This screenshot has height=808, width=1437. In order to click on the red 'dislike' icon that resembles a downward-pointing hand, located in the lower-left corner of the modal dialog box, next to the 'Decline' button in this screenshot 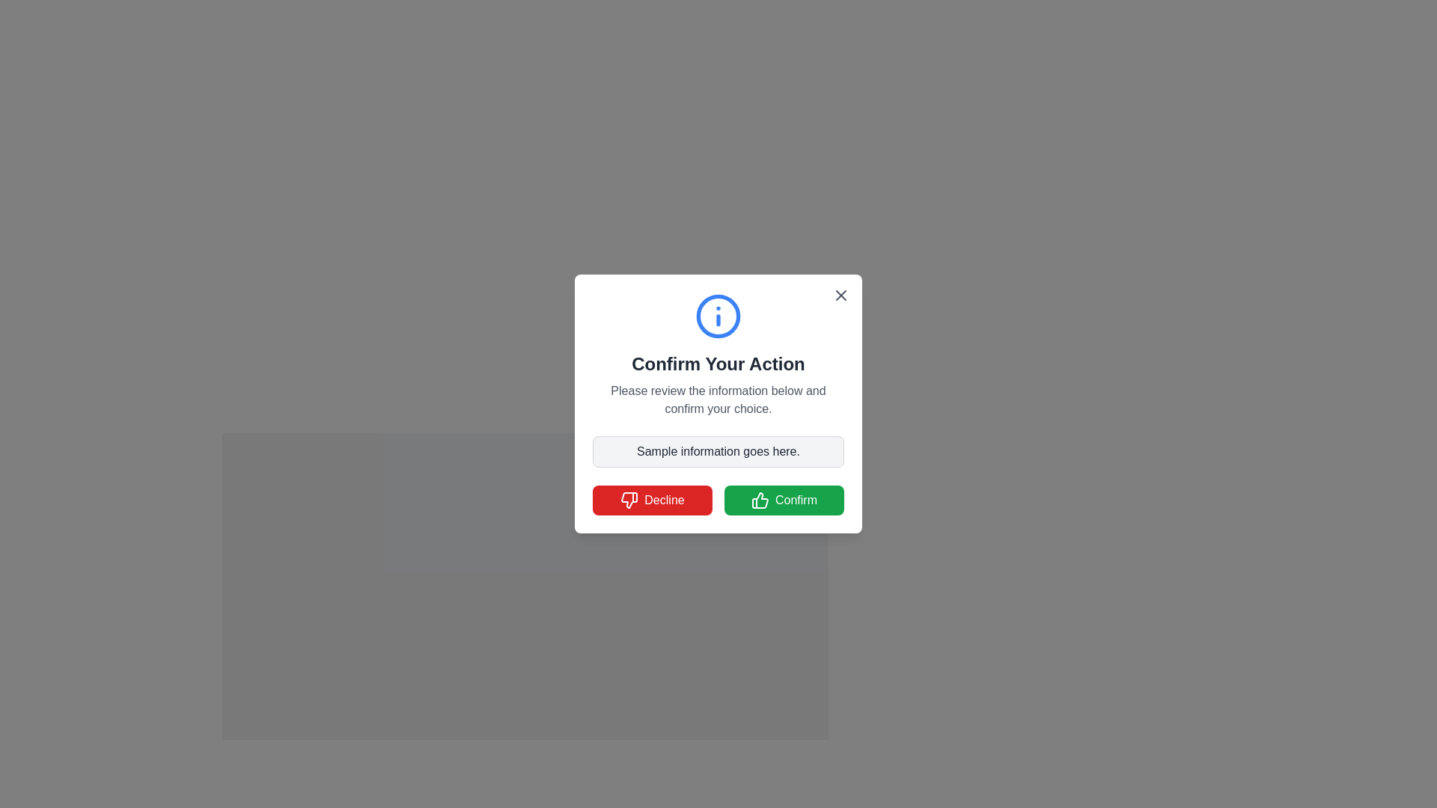, I will do `click(629, 500)`.